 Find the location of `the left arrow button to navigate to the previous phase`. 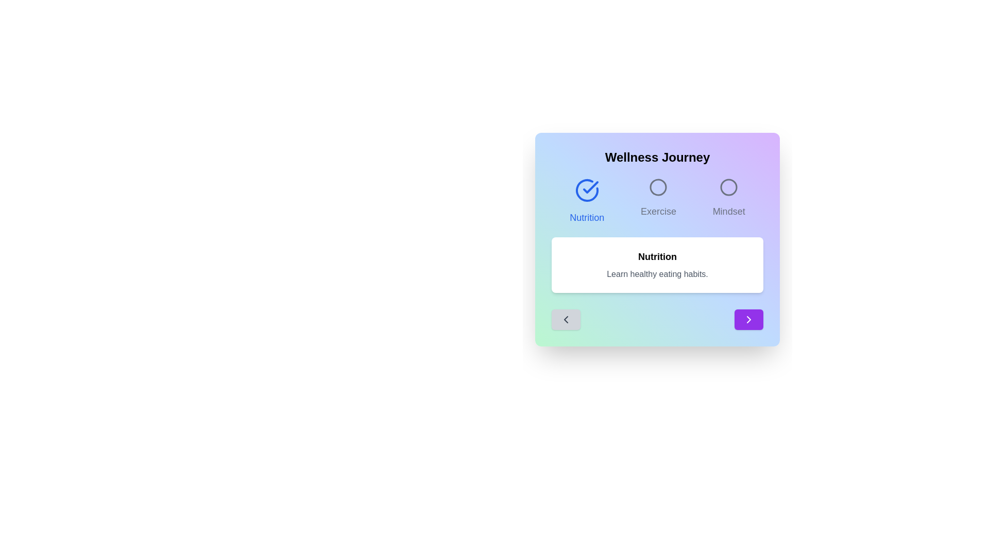

the left arrow button to navigate to the previous phase is located at coordinates (566, 319).